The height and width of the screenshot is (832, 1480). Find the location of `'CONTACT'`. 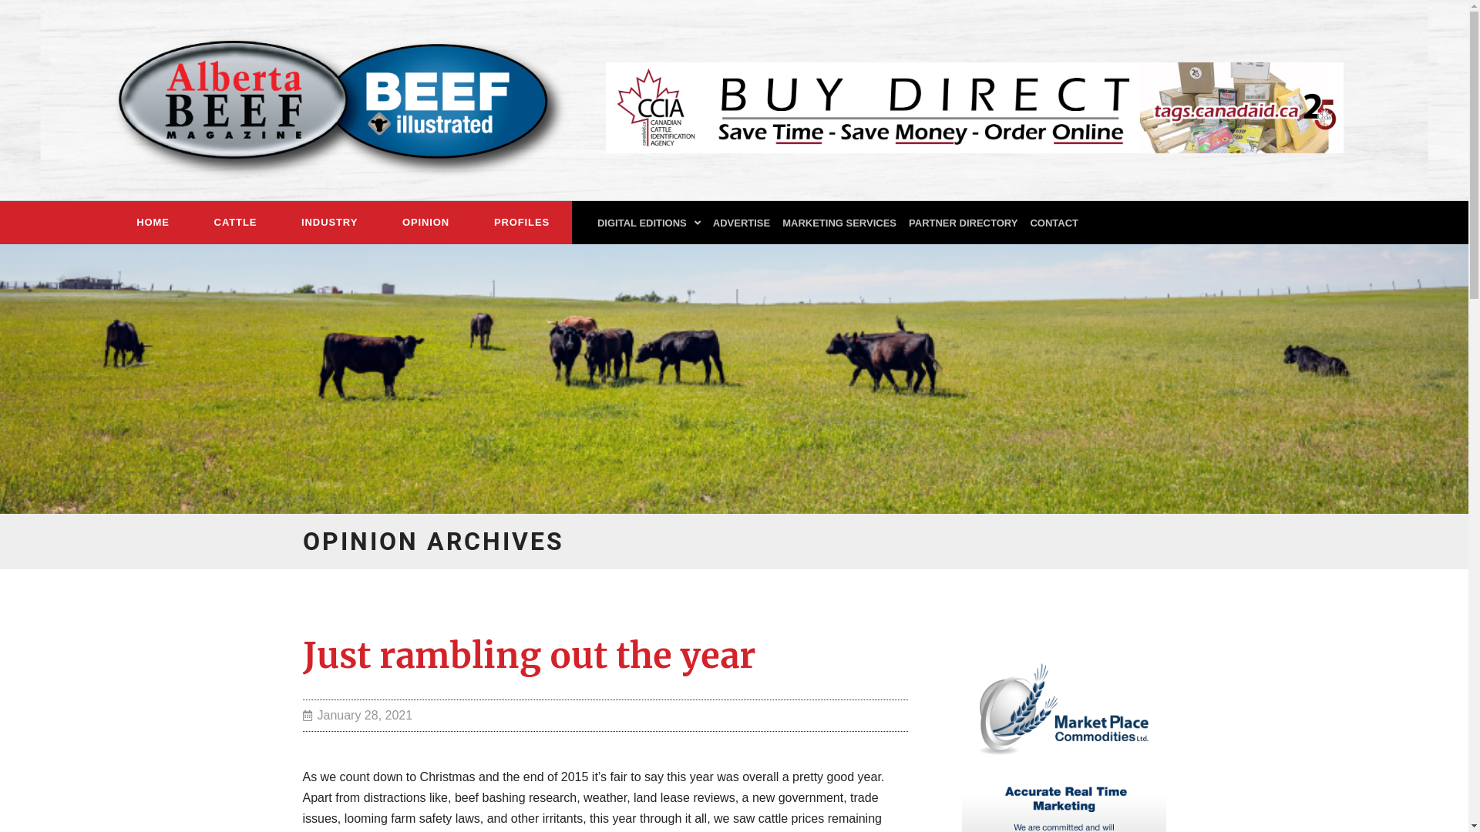

'CONTACT' is located at coordinates (1053, 223).